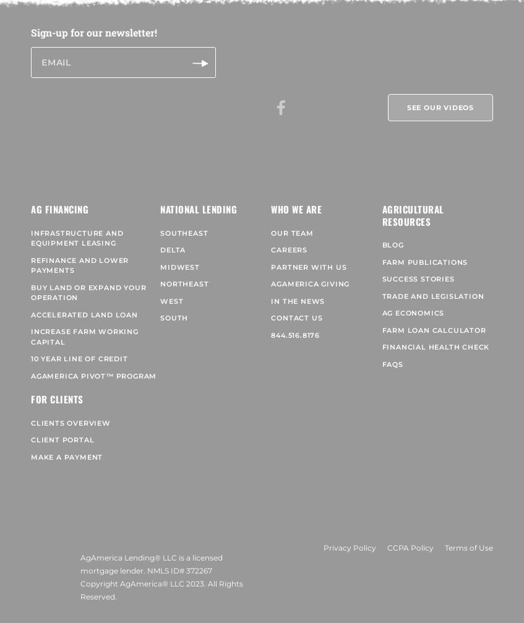  Describe the element at coordinates (468, 539) in the screenshot. I see `'Terms of Use'` at that location.